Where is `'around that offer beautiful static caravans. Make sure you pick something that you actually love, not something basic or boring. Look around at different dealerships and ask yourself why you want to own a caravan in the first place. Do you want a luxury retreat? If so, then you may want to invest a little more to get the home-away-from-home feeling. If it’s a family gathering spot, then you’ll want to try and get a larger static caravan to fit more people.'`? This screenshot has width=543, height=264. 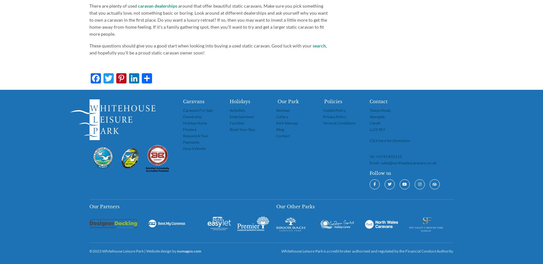
'around that offer beautiful static caravans. Make sure you pick something that you actually love, not something basic or boring. Look around at different dealerships and ask yourself why you want to own a caravan in the first place. Do you want a luxury retreat? If so, then you may want to invest a little more to get the home-away-from-home feeling. If it’s a family gathering spot, then you’ll want to try and get a larger static caravan to fit more people.' is located at coordinates (208, 19).